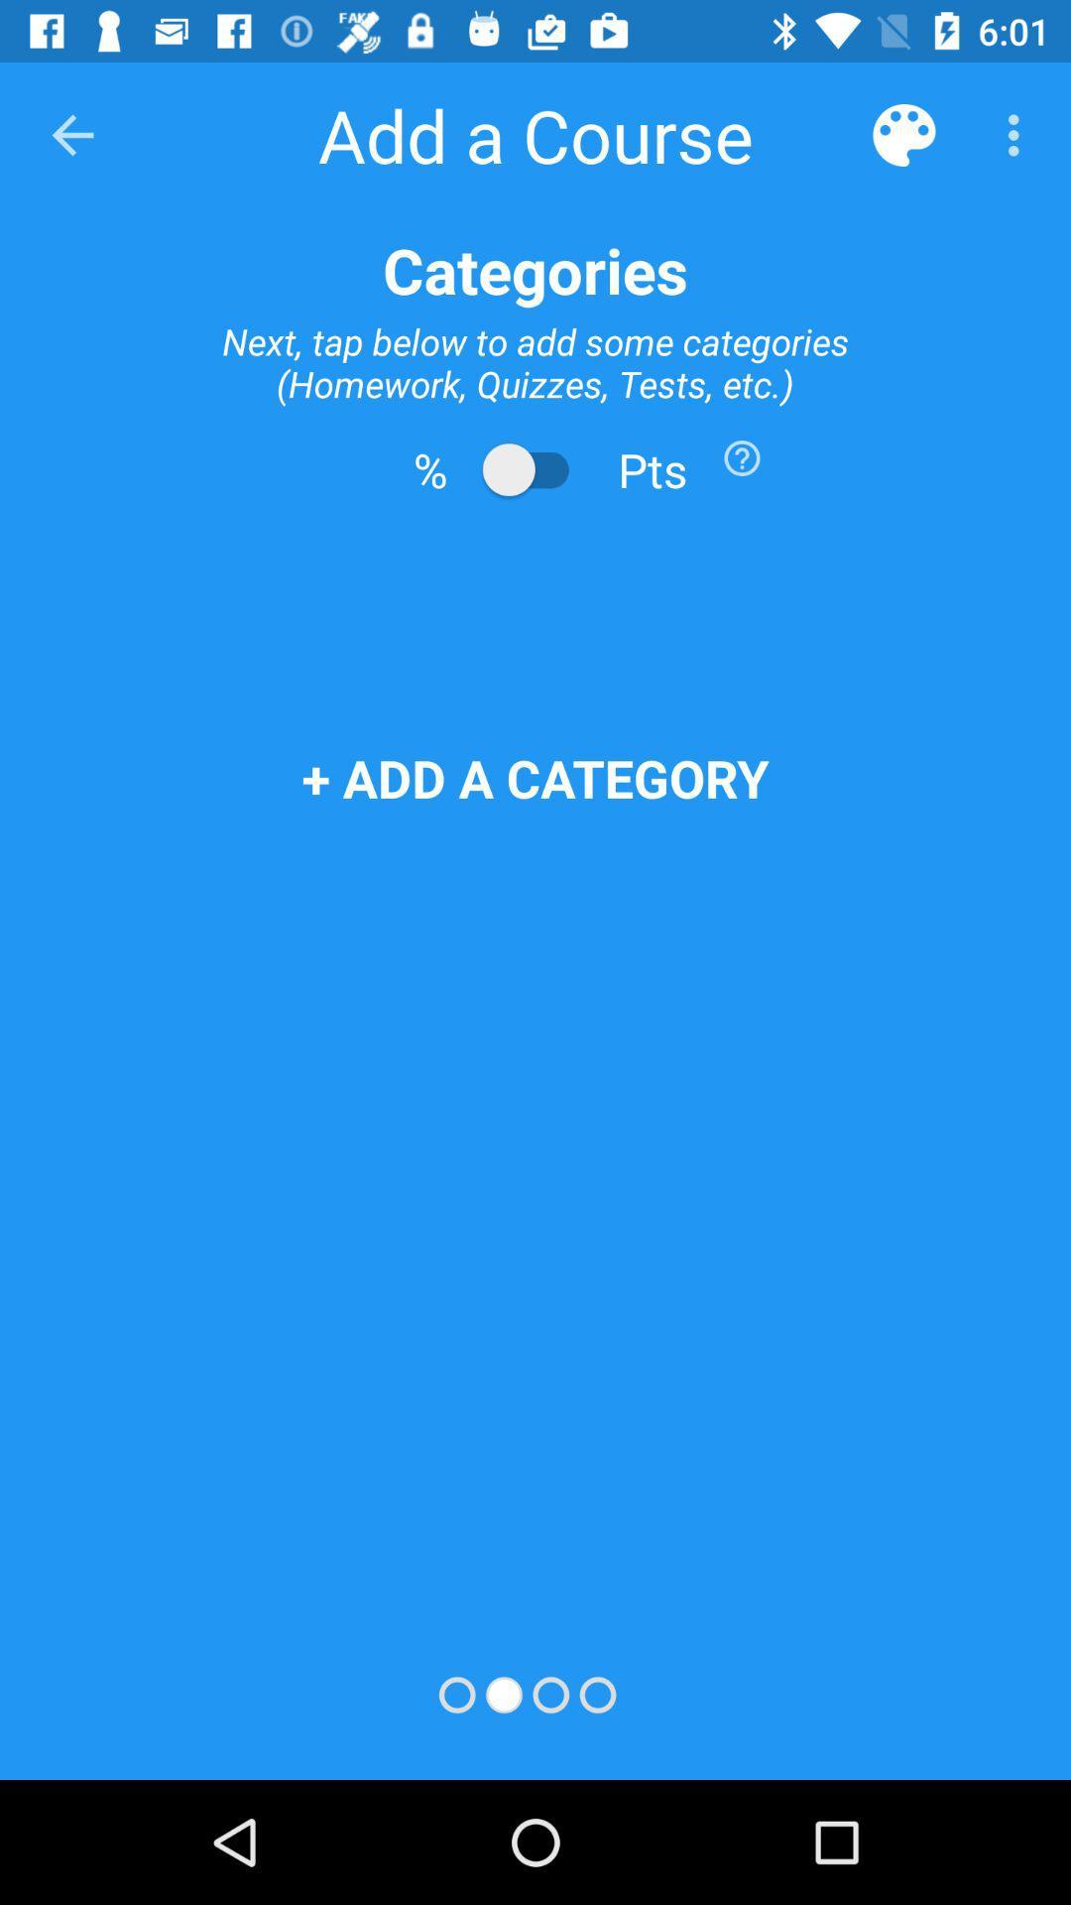 The image size is (1071, 1905). Describe the element at coordinates (535, 468) in the screenshot. I see `a button for switching from percentage to pts` at that location.